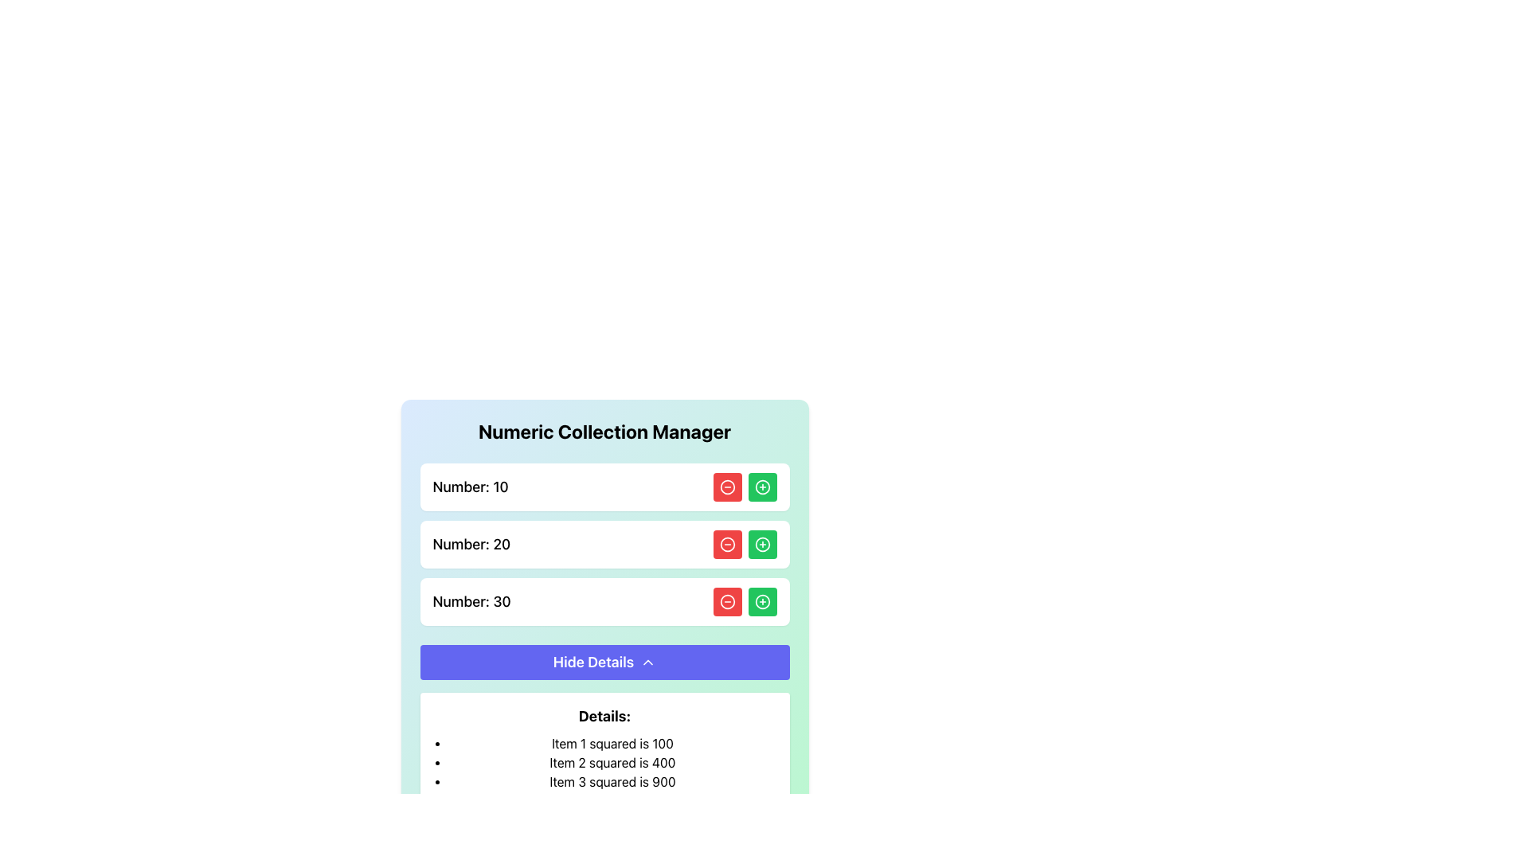  Describe the element at coordinates (604, 487) in the screenshot. I see `the buttons on the first numeric card in the 'Numeric Collection Manager'` at that location.